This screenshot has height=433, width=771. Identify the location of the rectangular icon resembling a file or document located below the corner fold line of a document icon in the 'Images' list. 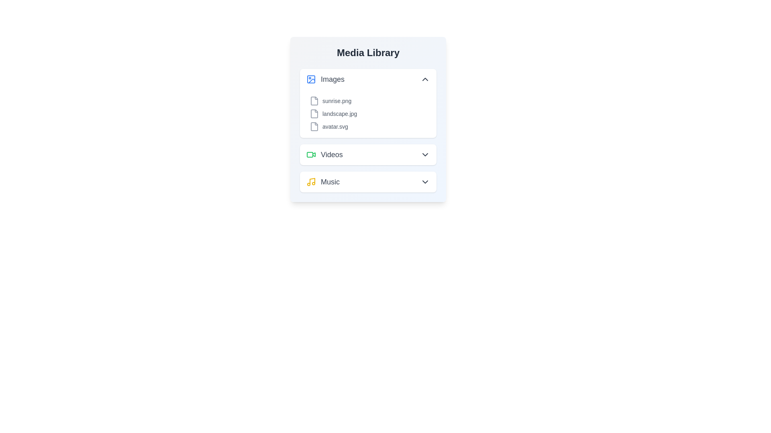
(314, 126).